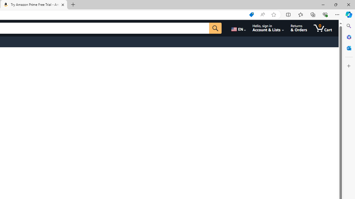 Image resolution: width=355 pixels, height=199 pixels. What do you see at coordinates (298, 28) in the screenshot?
I see `'Returns & Orders'` at bounding box center [298, 28].